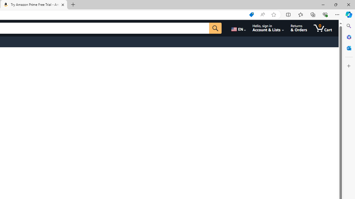 Image resolution: width=355 pixels, height=199 pixels. What do you see at coordinates (298, 28) in the screenshot?
I see `'Returns & Orders'` at bounding box center [298, 28].